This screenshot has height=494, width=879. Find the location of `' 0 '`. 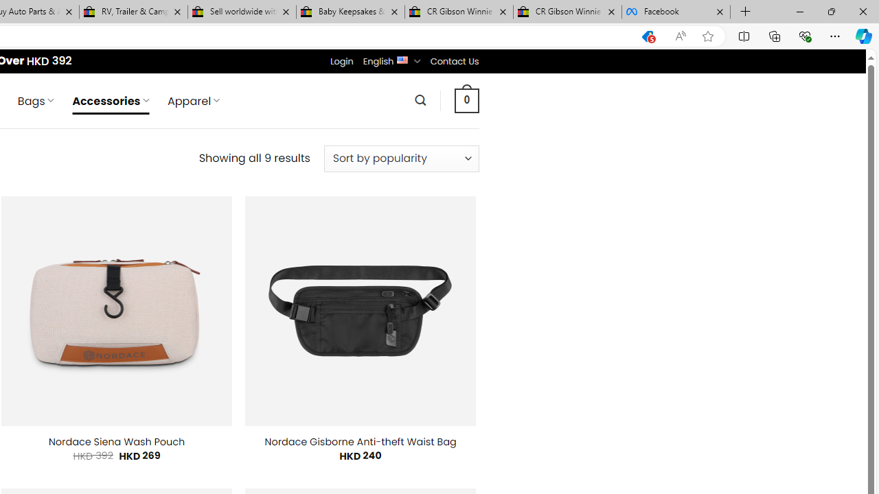

' 0 ' is located at coordinates (466, 99).